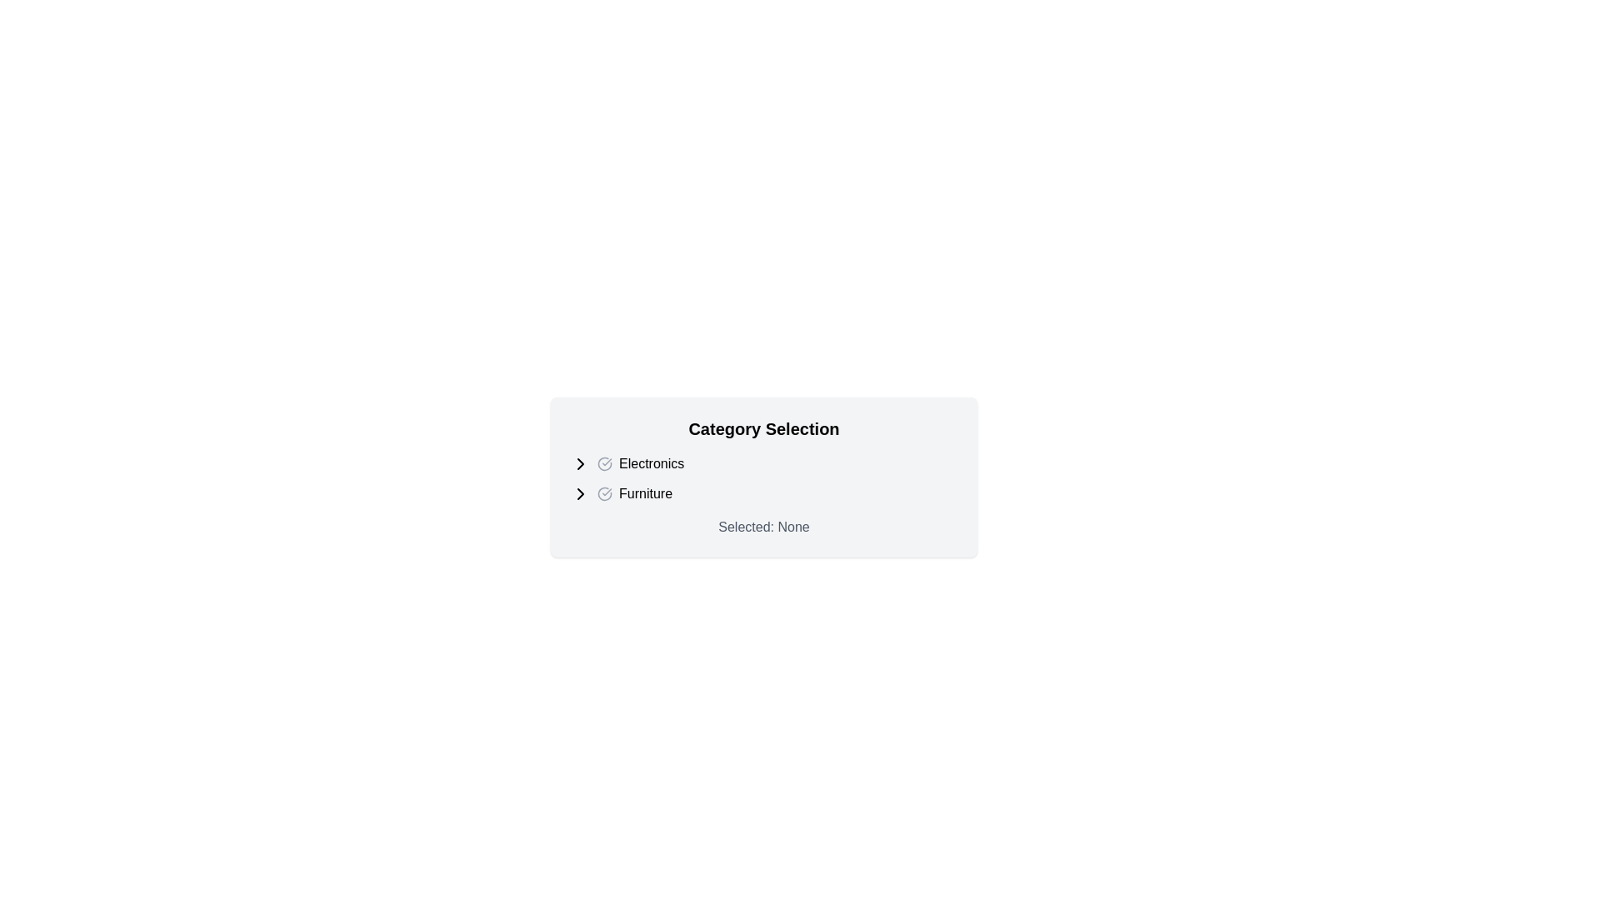 This screenshot has height=900, width=1600. I want to click on the checkmark icon within a circle that indicates selection for the 'Furniture' category, so click(603, 493).